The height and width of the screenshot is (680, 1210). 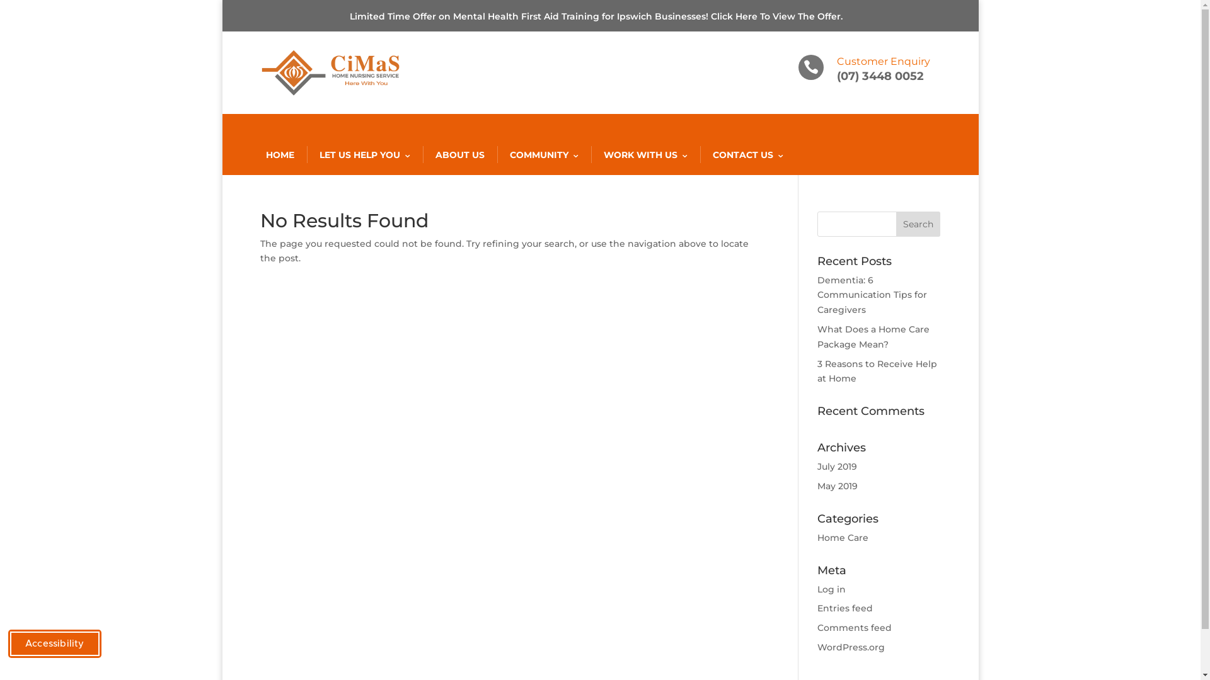 I want to click on 'Home Care', so click(x=817, y=537).